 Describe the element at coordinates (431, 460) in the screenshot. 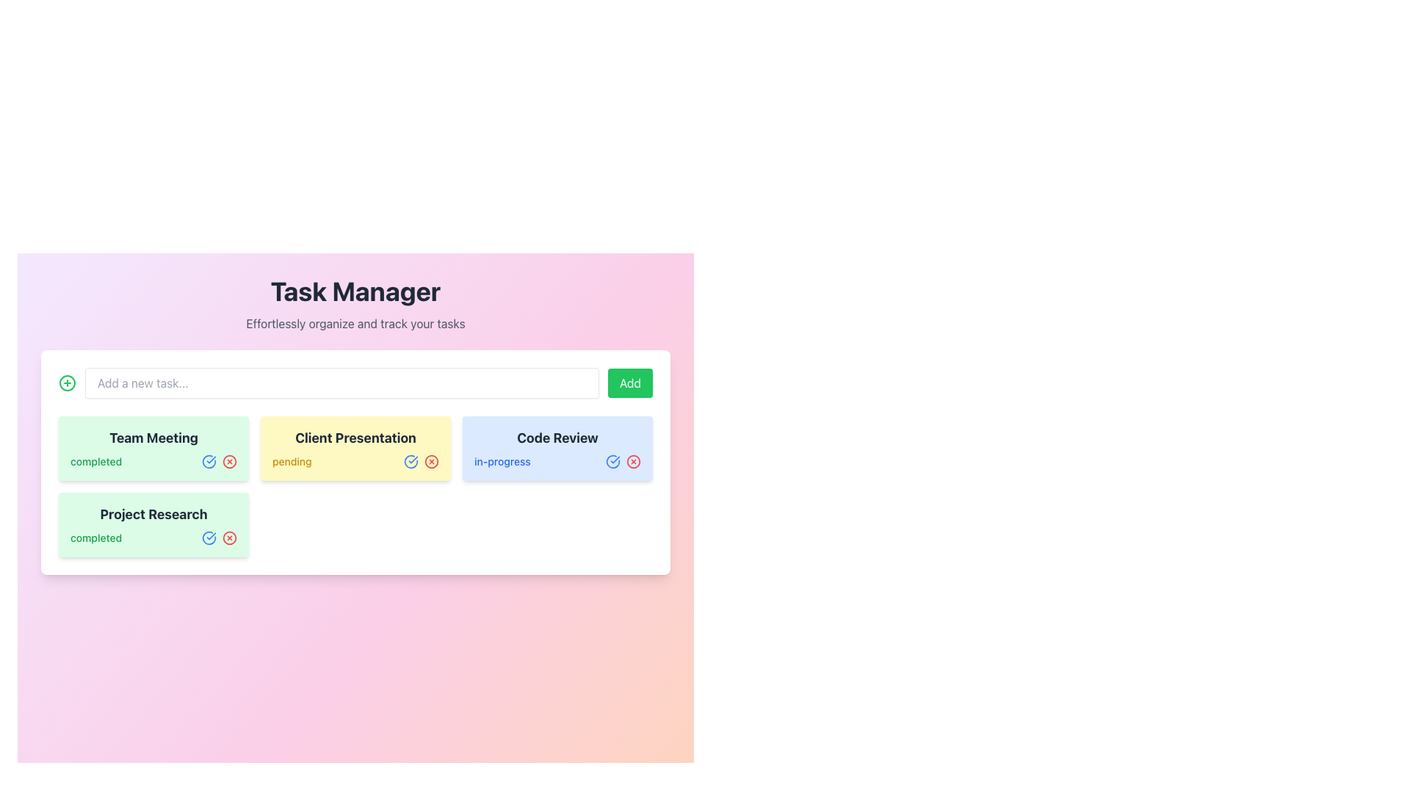

I see `the red circular icon button with a white cross inscribed in it, located on the yellow card titled 'Client Presentation'` at that location.